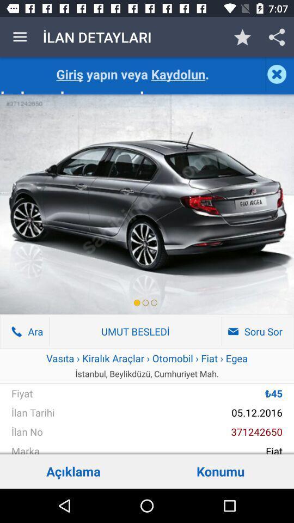 The width and height of the screenshot is (294, 523). I want to click on the close icon, so click(279, 74).